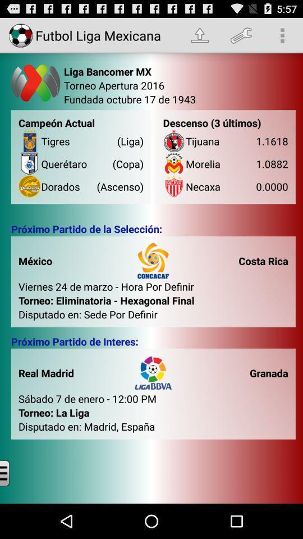 The height and width of the screenshot is (539, 303). What do you see at coordinates (153, 373) in the screenshot?
I see `image left to granada` at bounding box center [153, 373].